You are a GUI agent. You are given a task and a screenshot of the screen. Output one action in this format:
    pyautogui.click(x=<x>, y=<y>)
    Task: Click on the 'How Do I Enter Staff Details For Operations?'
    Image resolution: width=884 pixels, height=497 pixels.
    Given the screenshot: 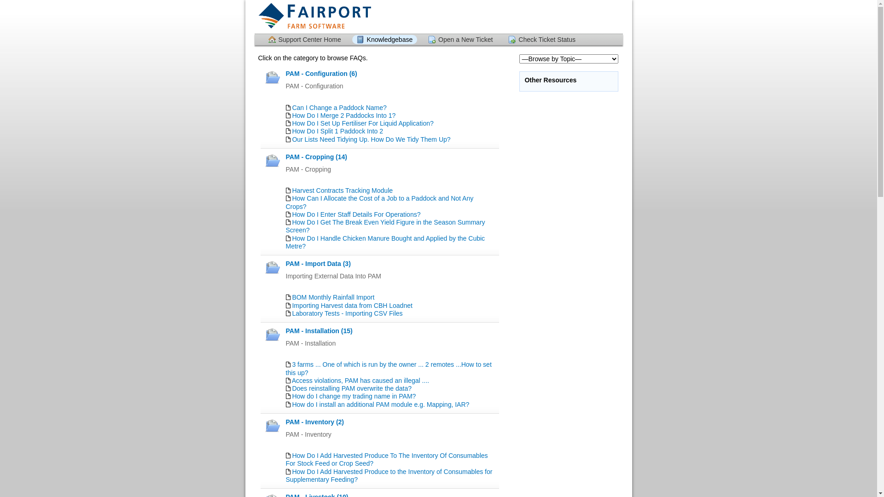 What is the action you would take?
    pyautogui.click(x=291, y=214)
    